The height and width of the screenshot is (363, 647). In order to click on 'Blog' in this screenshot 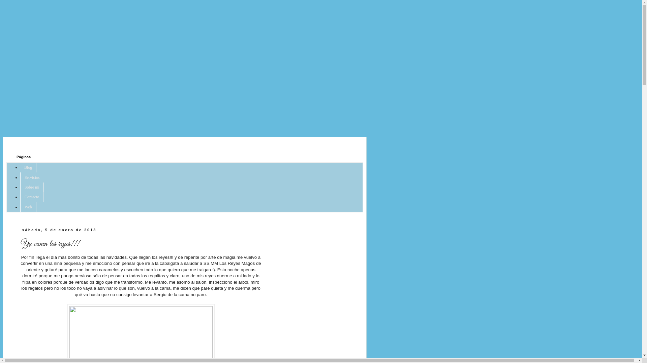, I will do `click(28, 167)`.